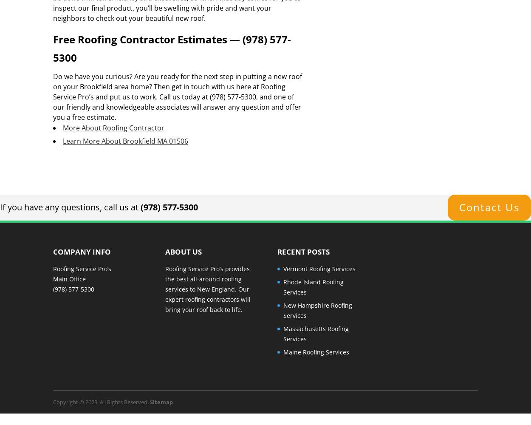 The width and height of the screenshot is (531, 425). Describe the element at coordinates (172, 48) in the screenshot. I see `'Free Roofing Contractor Estimates — (978) 577-5300'` at that location.